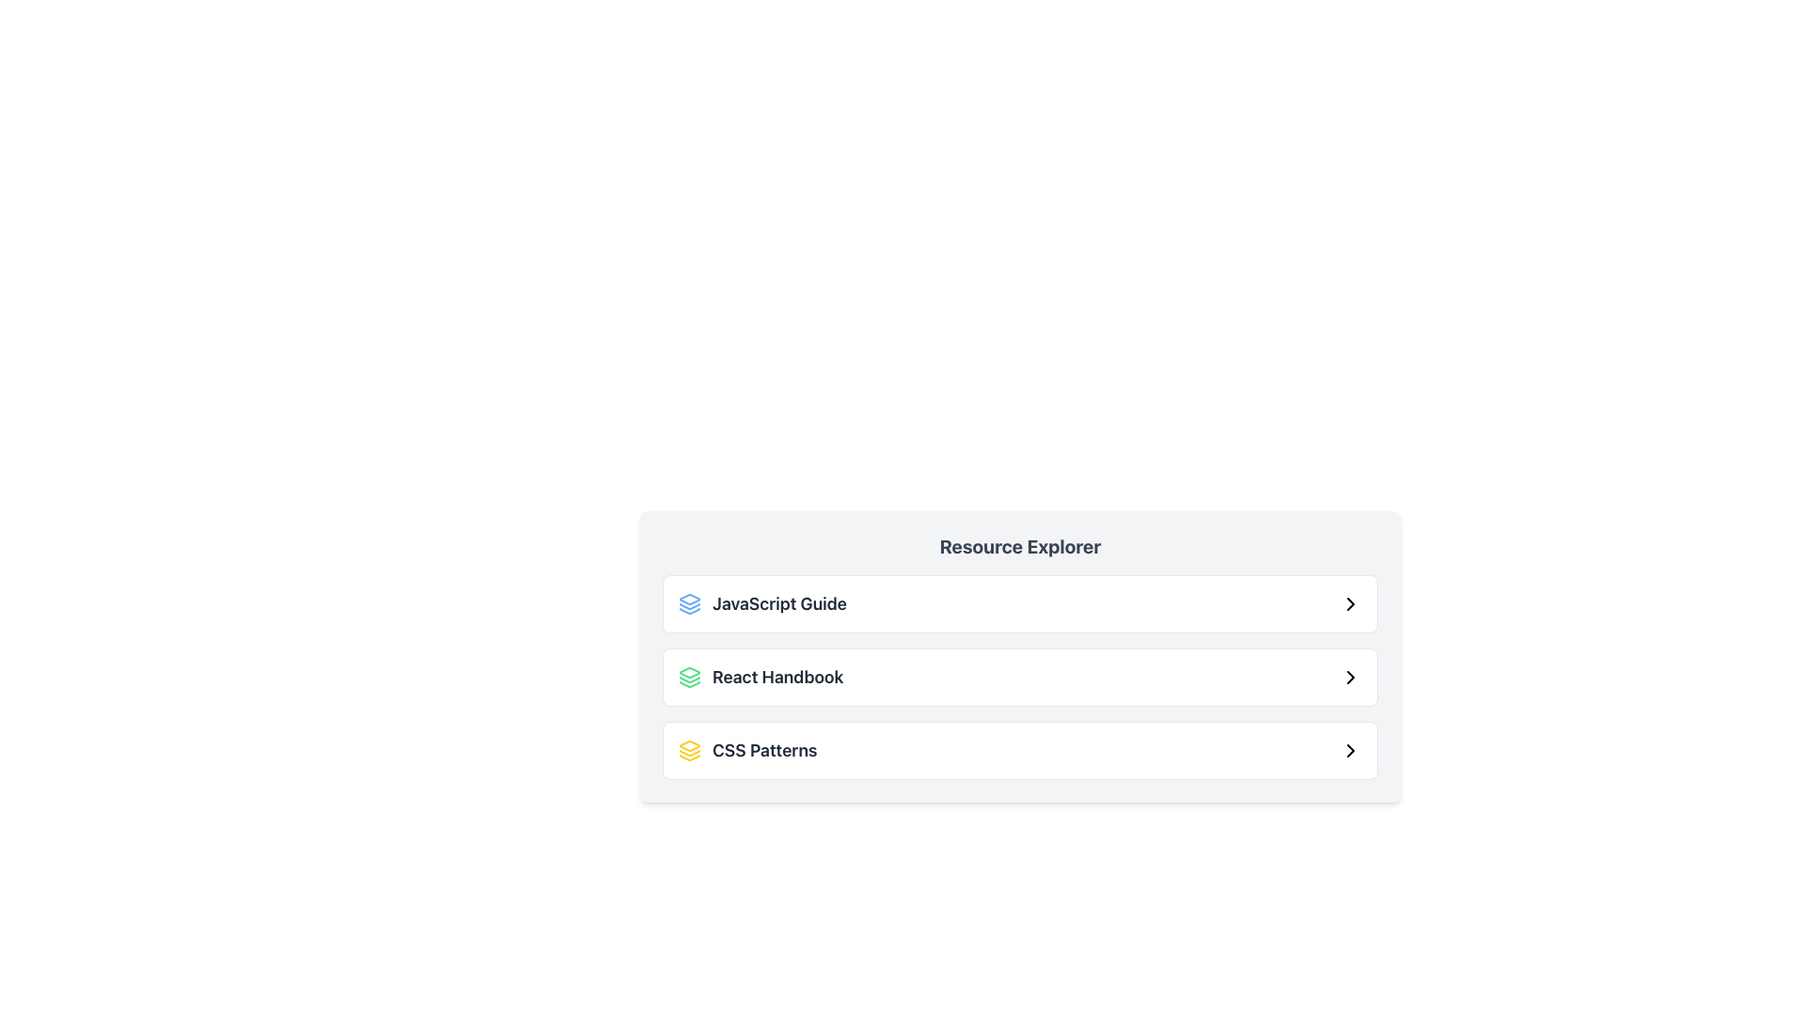 The width and height of the screenshot is (1805, 1015). Describe the element at coordinates (1019, 749) in the screenshot. I see `the third Card-style List Item representing 'CSS Patterns' in the 'Resource Explorer' section` at that location.